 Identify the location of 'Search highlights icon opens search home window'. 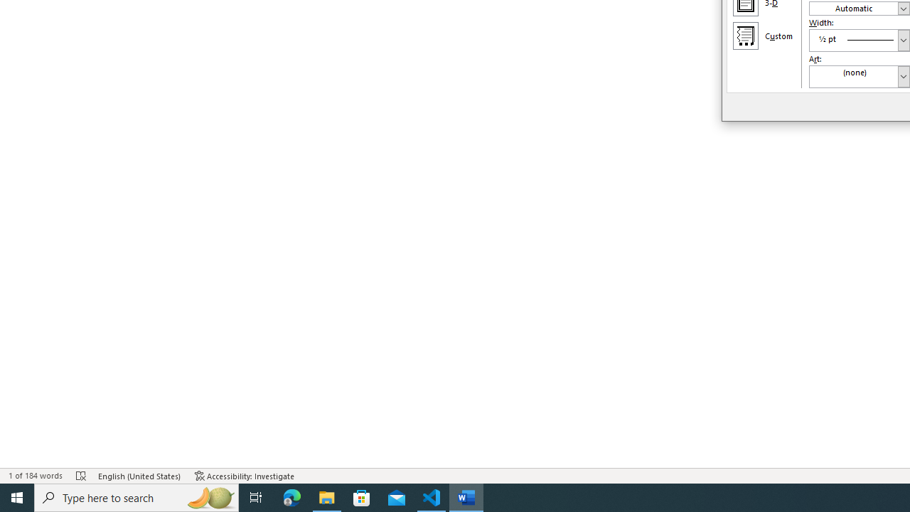
(209, 496).